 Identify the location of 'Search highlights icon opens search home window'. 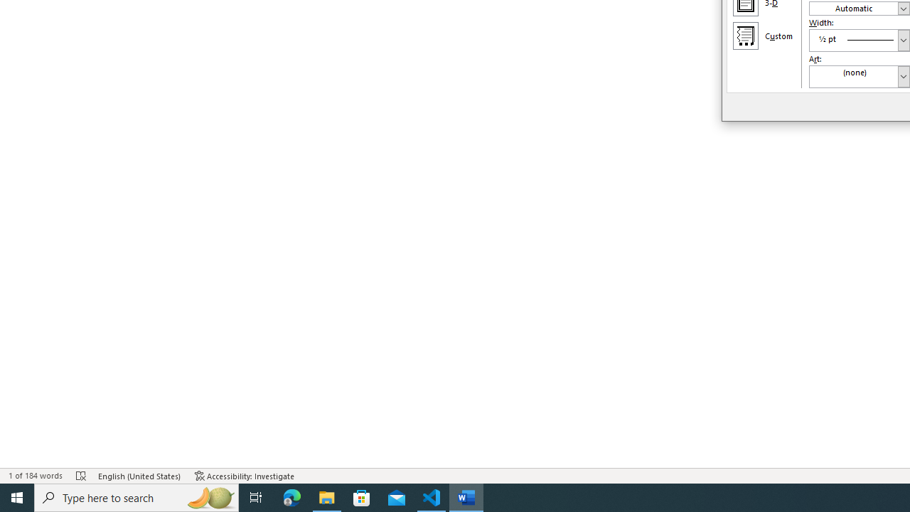
(209, 496).